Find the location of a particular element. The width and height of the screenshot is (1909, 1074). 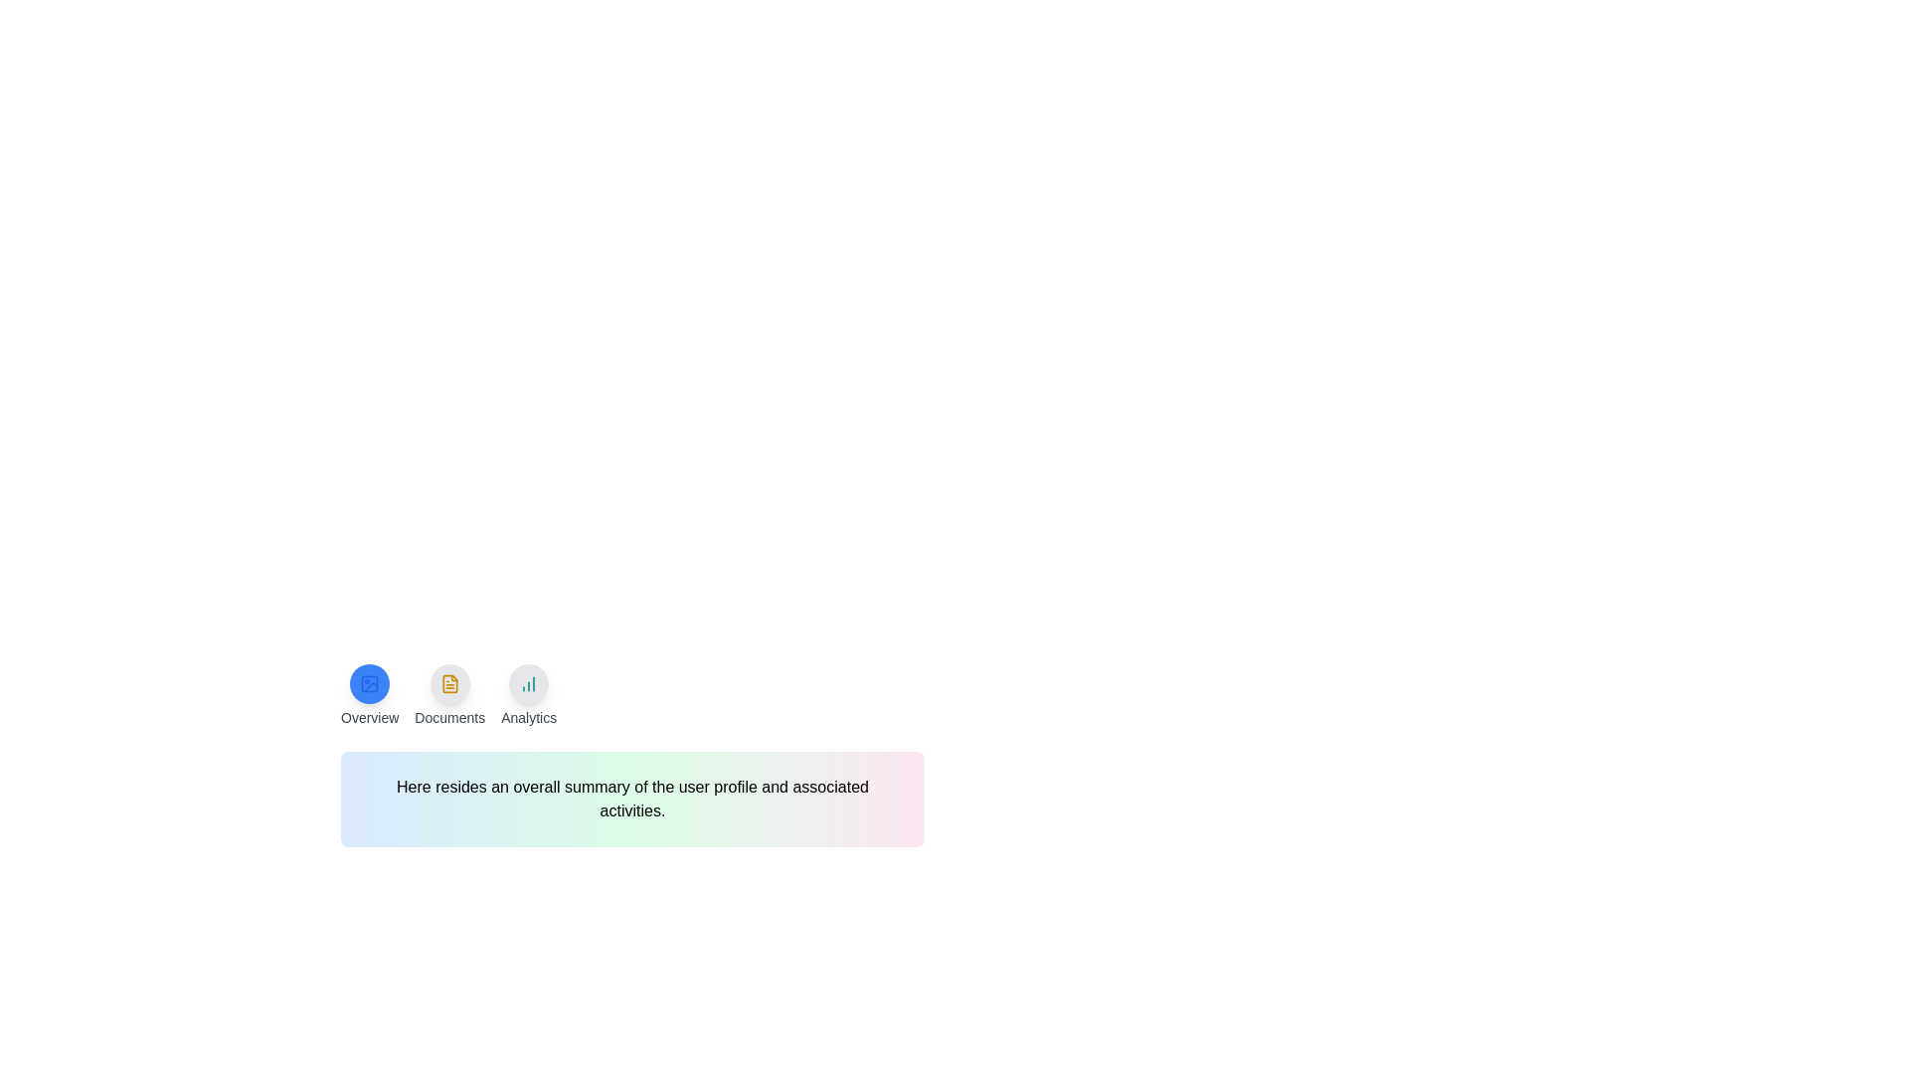

the 'Documents' button located in the middle of the navigation items is located at coordinates (448, 694).